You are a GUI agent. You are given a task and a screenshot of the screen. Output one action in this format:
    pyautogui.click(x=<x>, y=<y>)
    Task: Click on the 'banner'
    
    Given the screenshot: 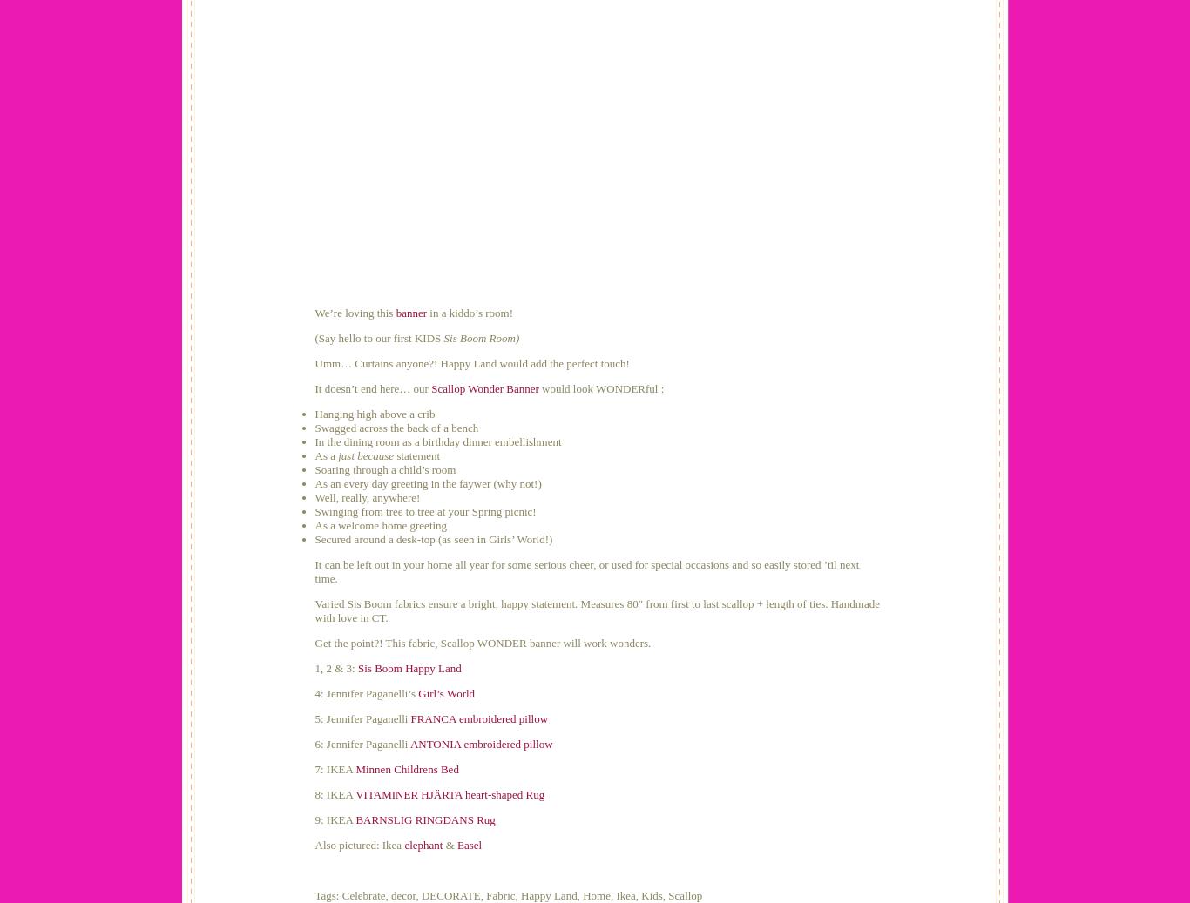 What is the action you would take?
    pyautogui.click(x=410, y=312)
    